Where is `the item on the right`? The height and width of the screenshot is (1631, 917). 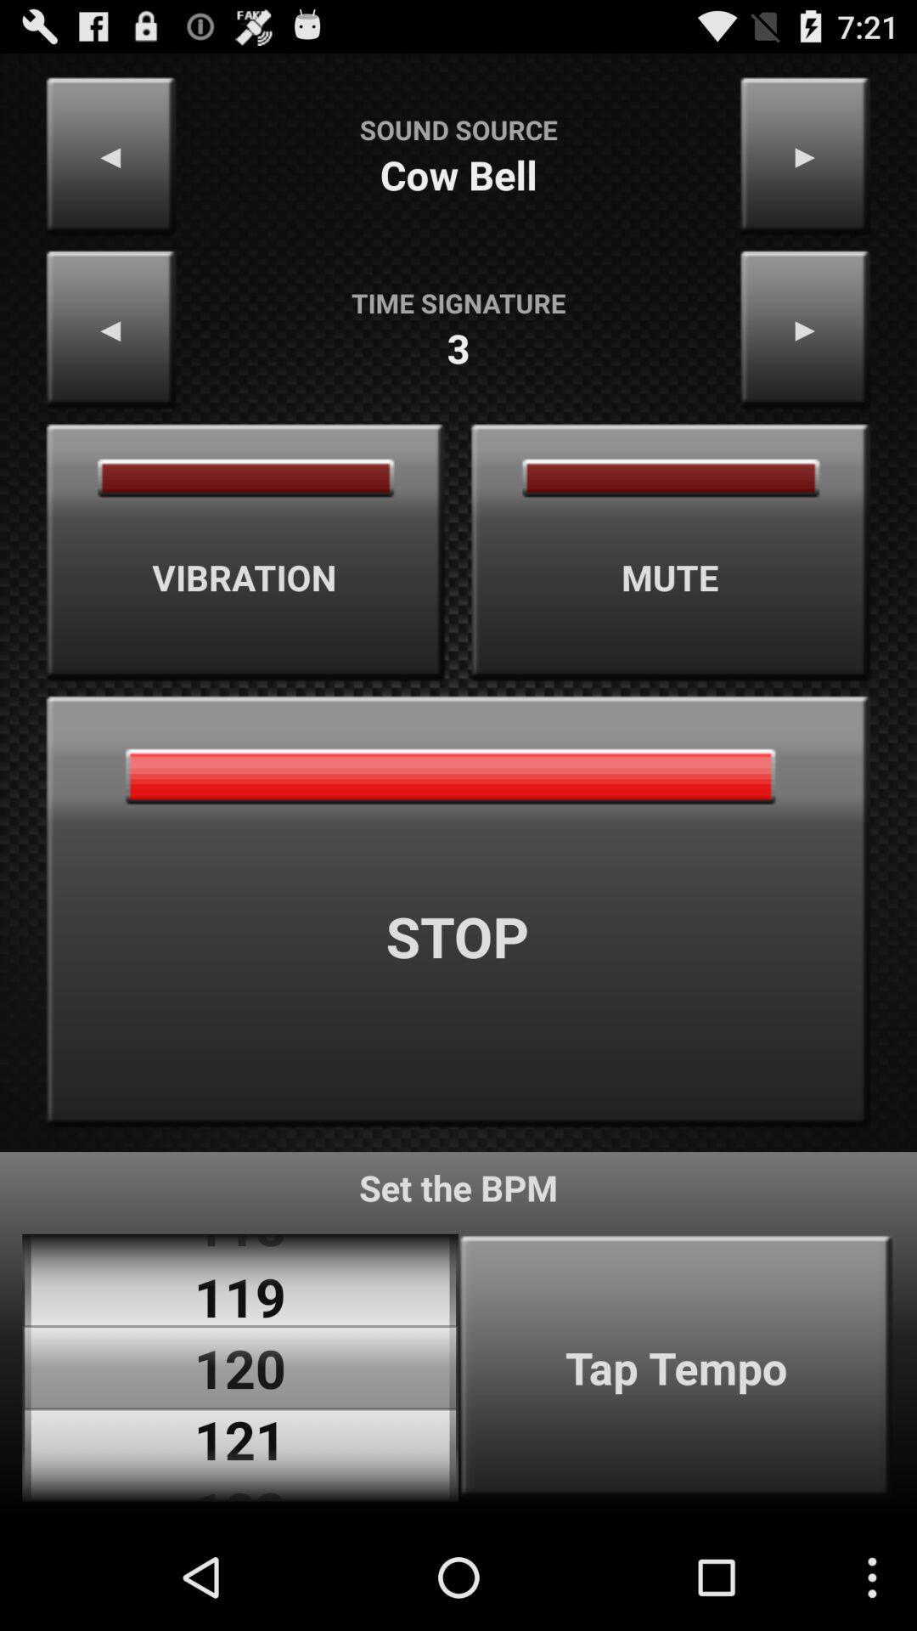
the item on the right is located at coordinates (670, 552).